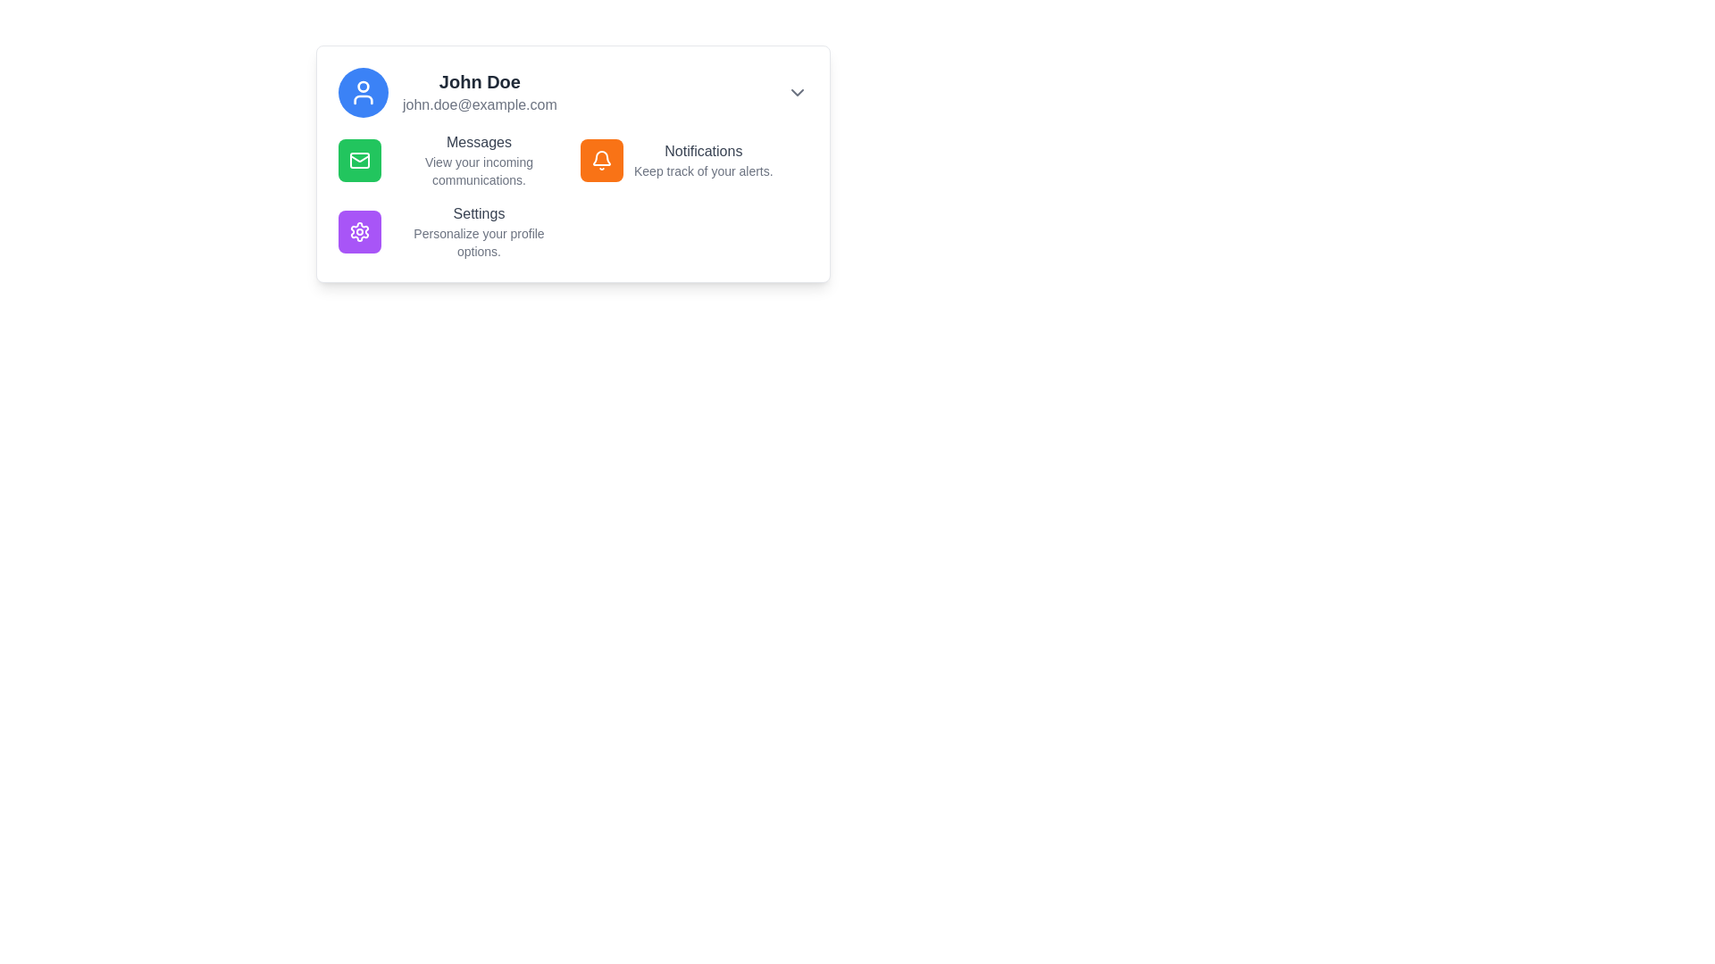 This screenshot has height=964, width=1715. I want to click on the text label displaying 'John Doe', which is styled in bold and serves as a heading for user details, so click(480, 82).